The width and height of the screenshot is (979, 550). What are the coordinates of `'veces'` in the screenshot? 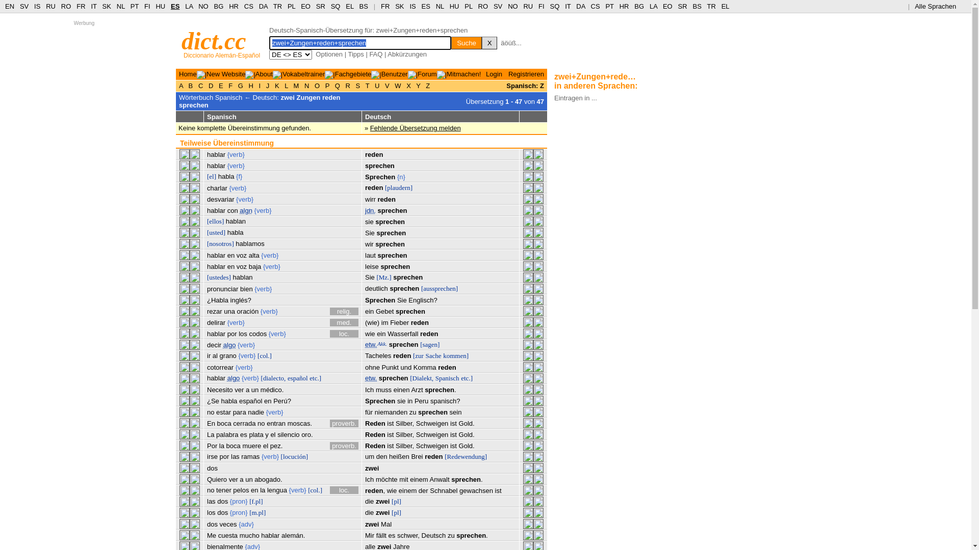 It's located at (227, 524).